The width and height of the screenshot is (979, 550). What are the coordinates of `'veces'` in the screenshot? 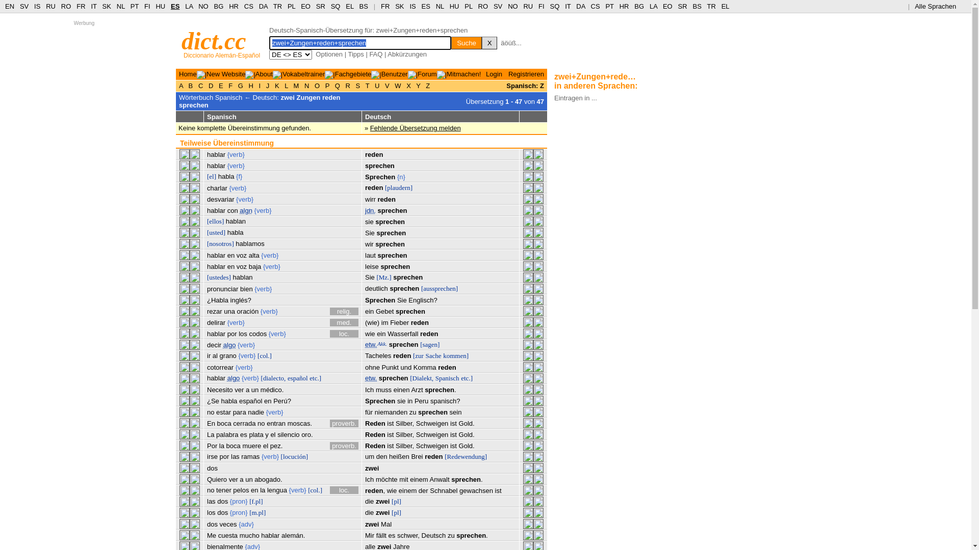 It's located at (227, 524).